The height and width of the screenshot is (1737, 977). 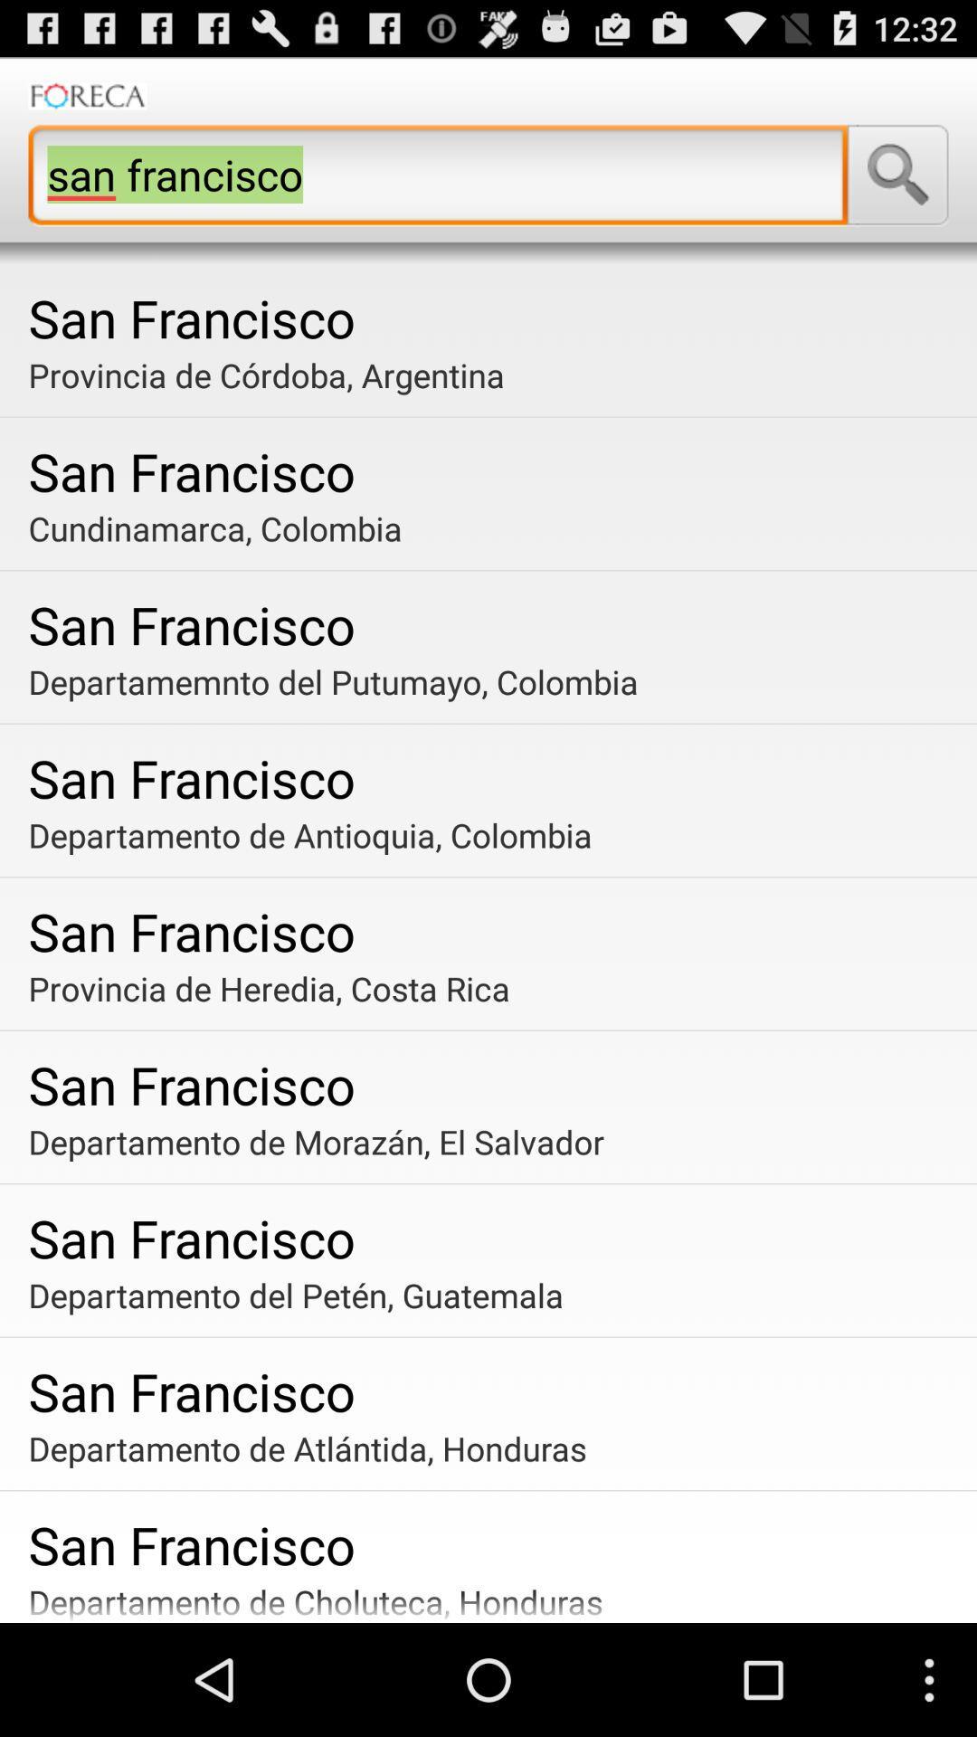 What do you see at coordinates (495, 680) in the screenshot?
I see `the departamemnto del putumayo` at bounding box center [495, 680].